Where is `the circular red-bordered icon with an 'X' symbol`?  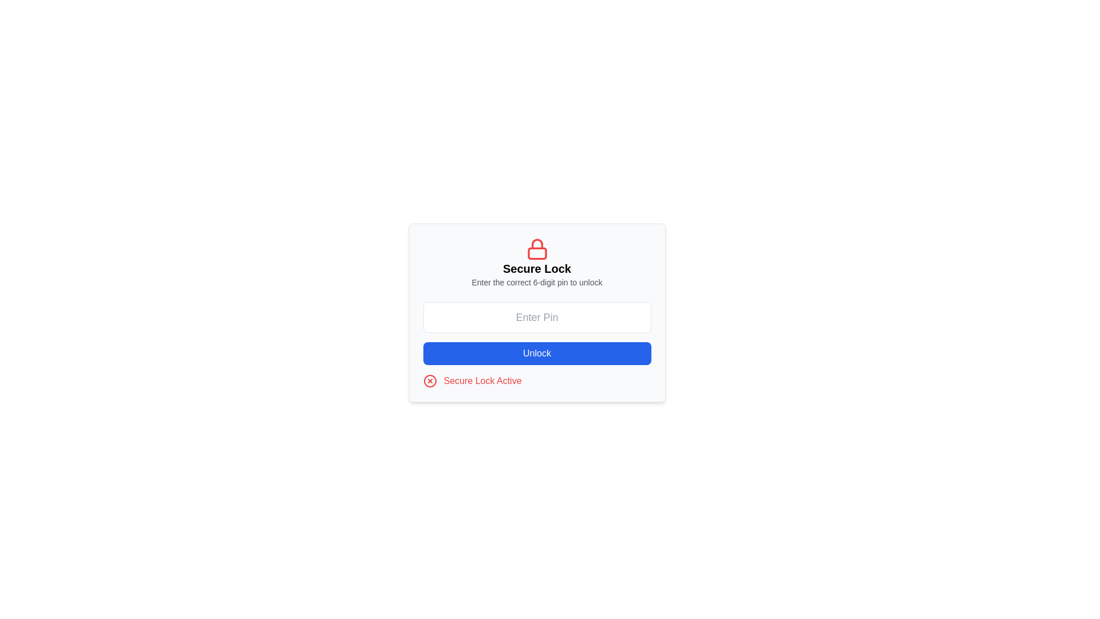
the circular red-bordered icon with an 'X' symbol is located at coordinates (429, 381).